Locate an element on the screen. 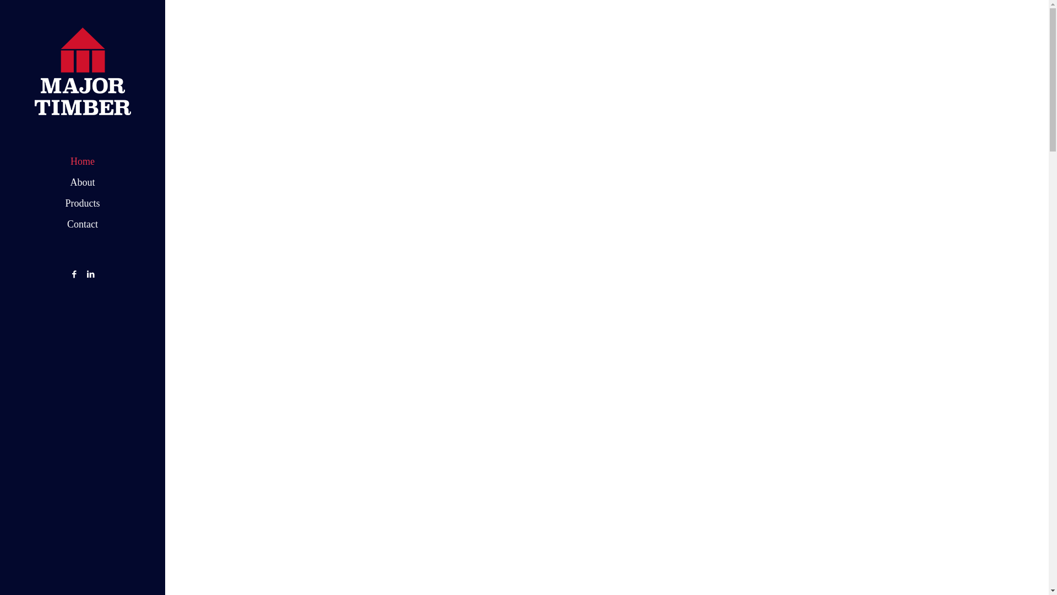 The width and height of the screenshot is (1057, 595). 'Linked In' is located at coordinates (91, 273).